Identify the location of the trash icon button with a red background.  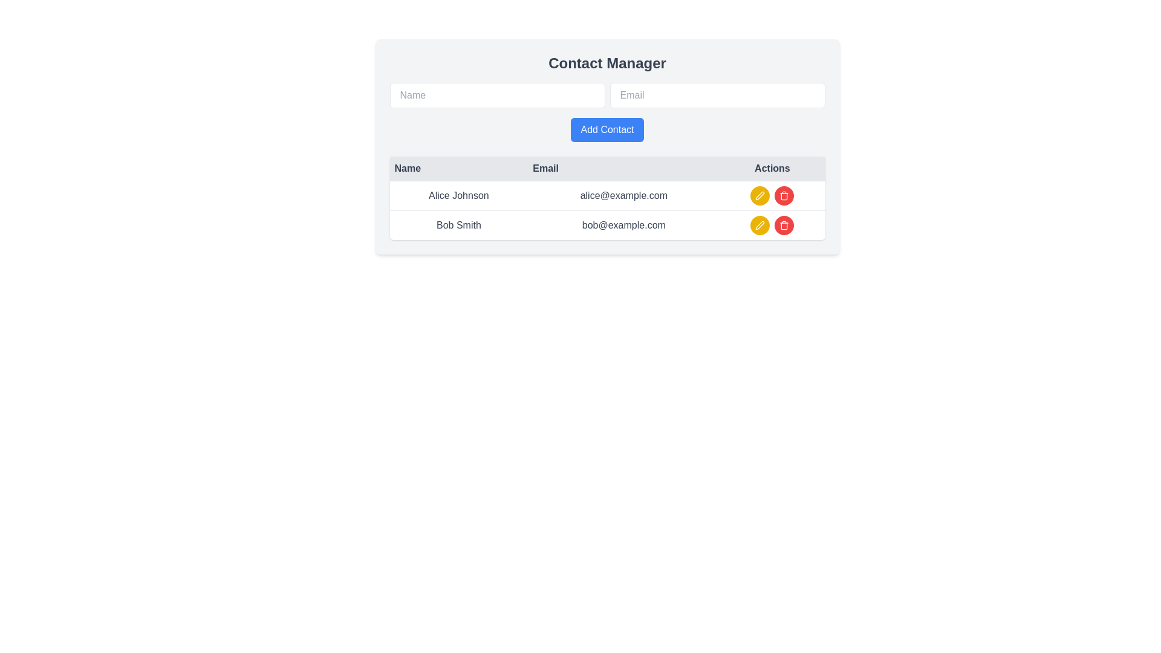
(784, 195).